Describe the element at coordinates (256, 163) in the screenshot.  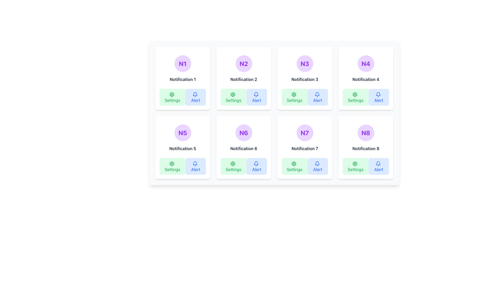
I see `the Notification icon located at the bottom-right of the 'Alert' button within the 'Notification 6' card` at that location.